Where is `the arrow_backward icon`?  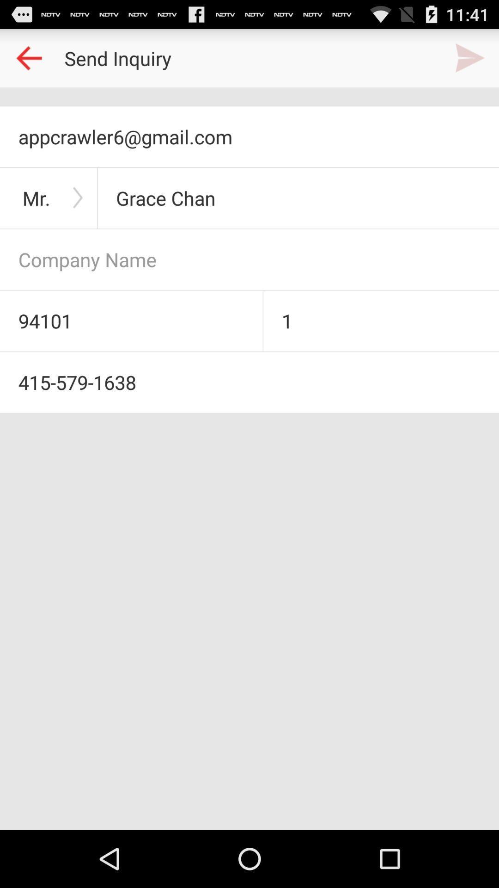
the arrow_backward icon is located at coordinates (28, 62).